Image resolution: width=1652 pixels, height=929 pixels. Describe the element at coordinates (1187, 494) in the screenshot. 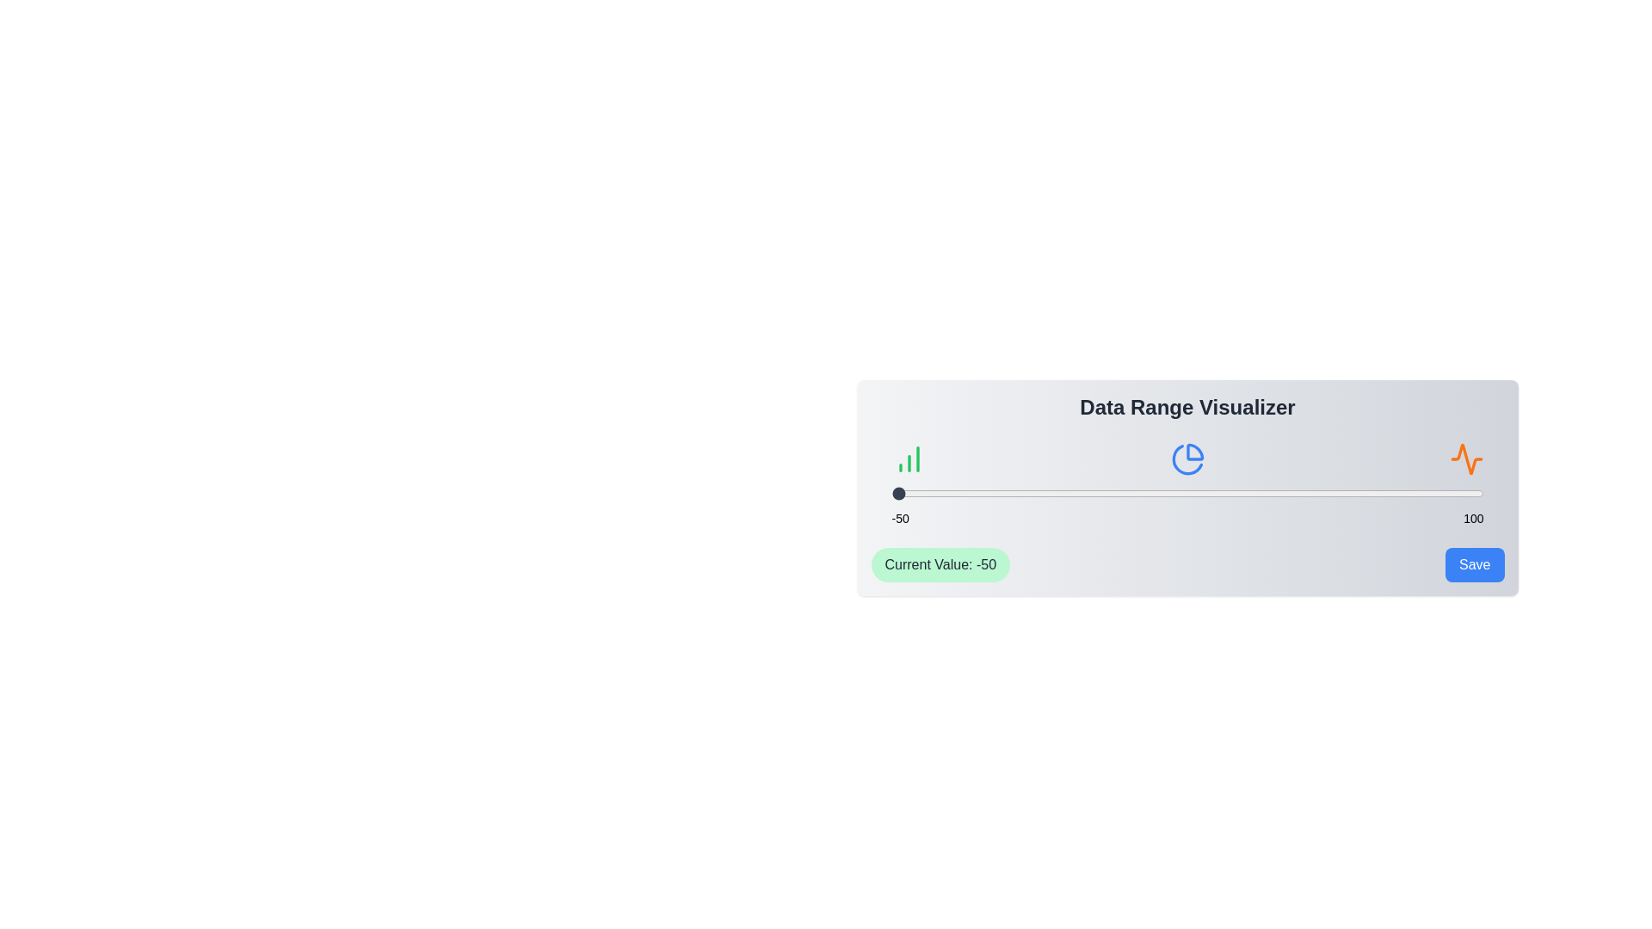

I see `the slider to observe any visual changes` at that location.